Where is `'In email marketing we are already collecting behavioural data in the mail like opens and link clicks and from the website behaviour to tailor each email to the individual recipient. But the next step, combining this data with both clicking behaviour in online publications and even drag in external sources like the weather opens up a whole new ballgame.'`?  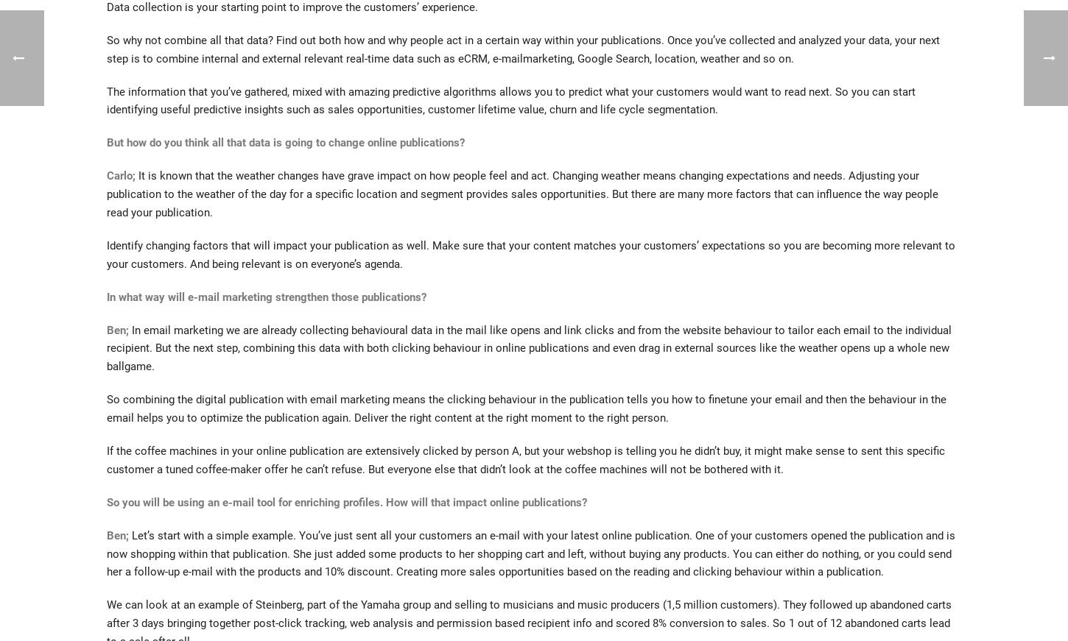 'In email marketing we are already collecting behavioural data in the mail like opens and link clicks and from the website behaviour to tailor each email to the individual recipient. But the next step, combining this data with both clicking behaviour in online publications and even drag in external sources like the weather opens up a whole new ballgame.' is located at coordinates (528, 348).